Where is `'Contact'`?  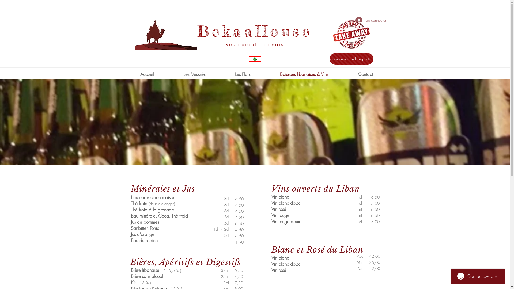
'Contact' is located at coordinates (365, 74).